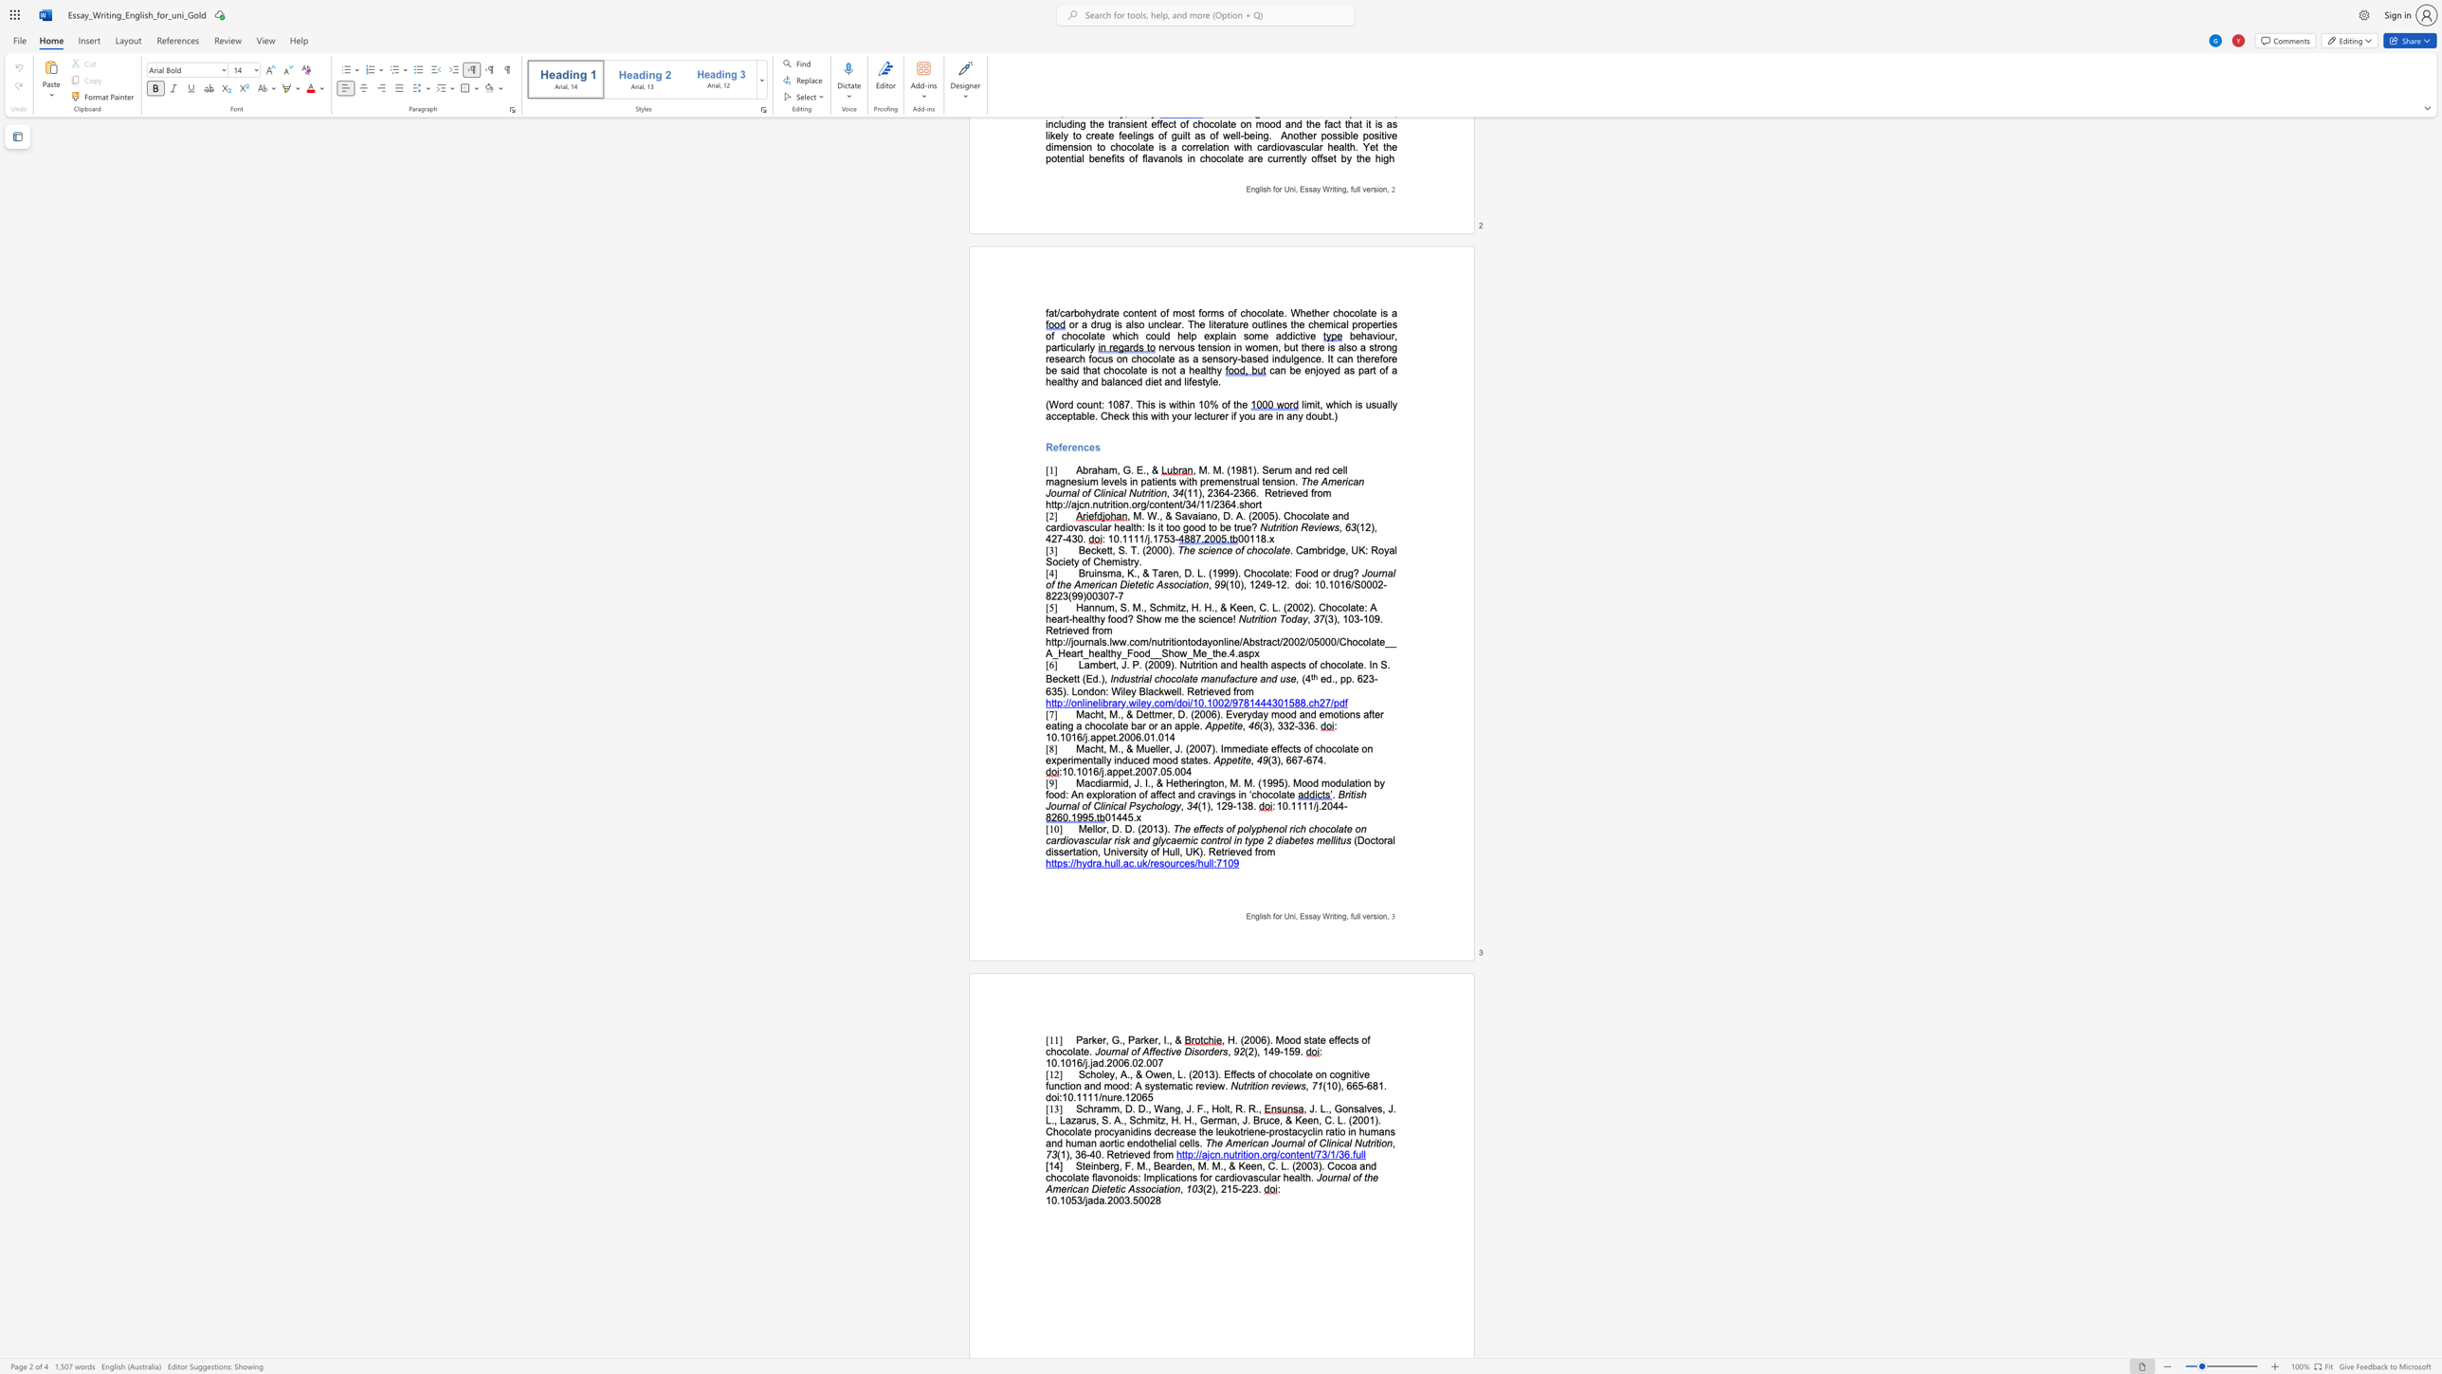 This screenshot has height=1374, width=2442. Describe the element at coordinates (1205, 1188) in the screenshot. I see `the subset text "2), 215-" within the text "(2), 215-223."` at that location.